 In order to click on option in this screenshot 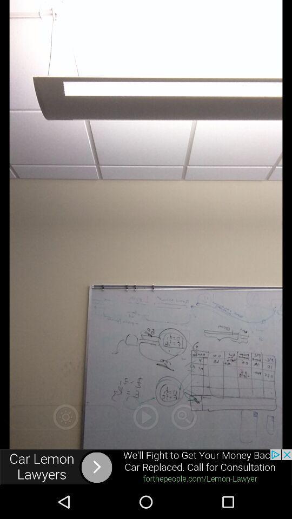, I will do `click(146, 416)`.